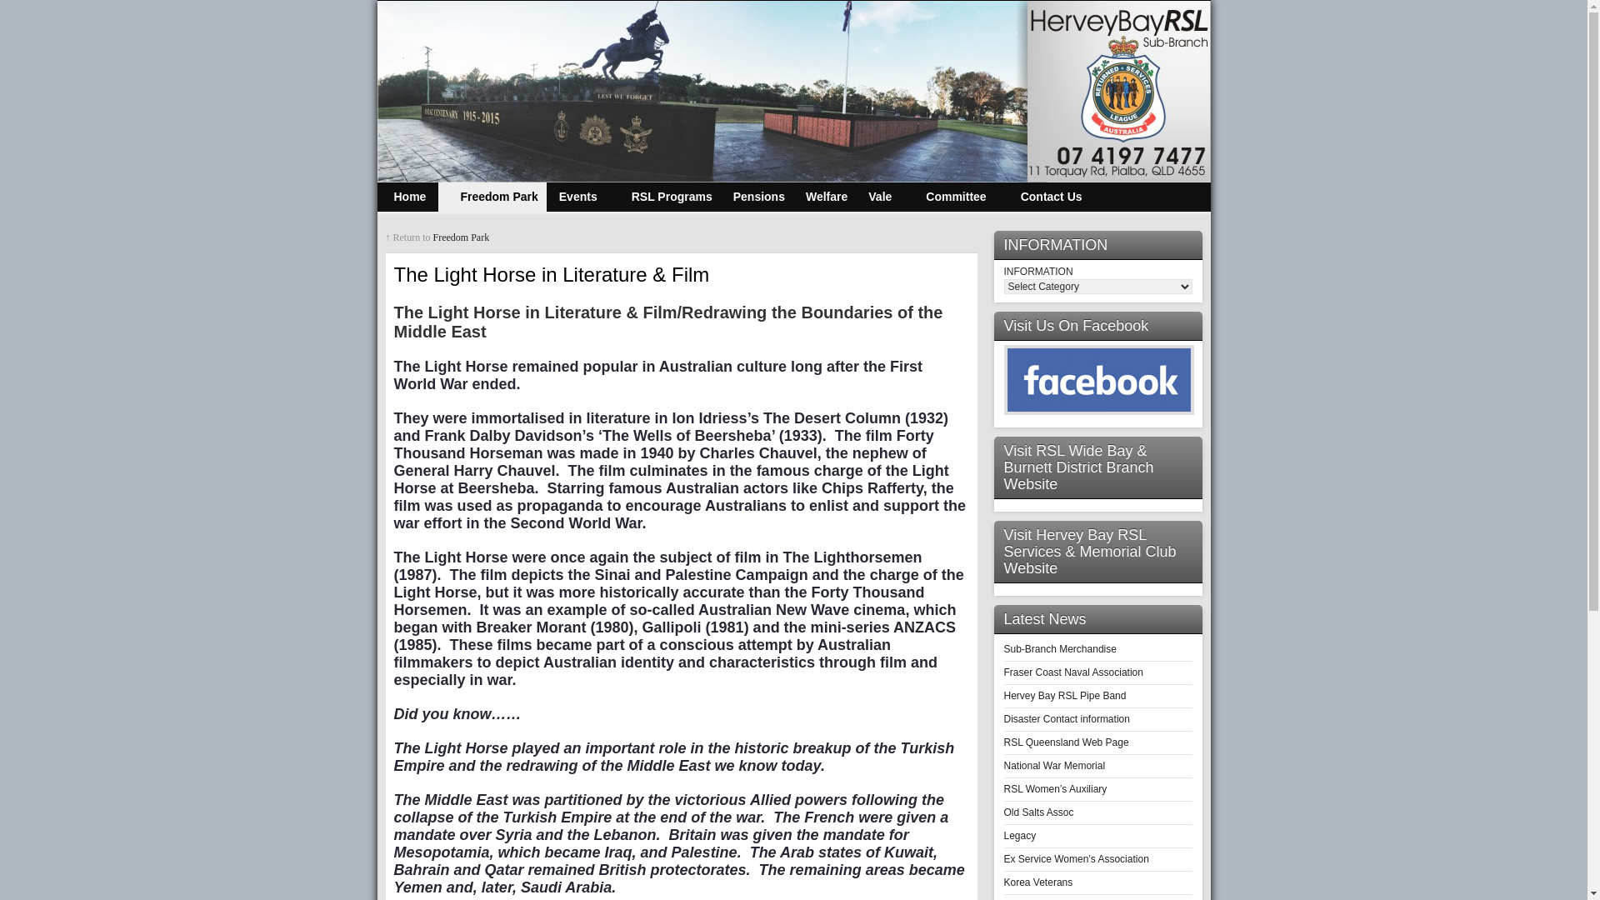 The height and width of the screenshot is (900, 1600). I want to click on 'Events', so click(578, 196).